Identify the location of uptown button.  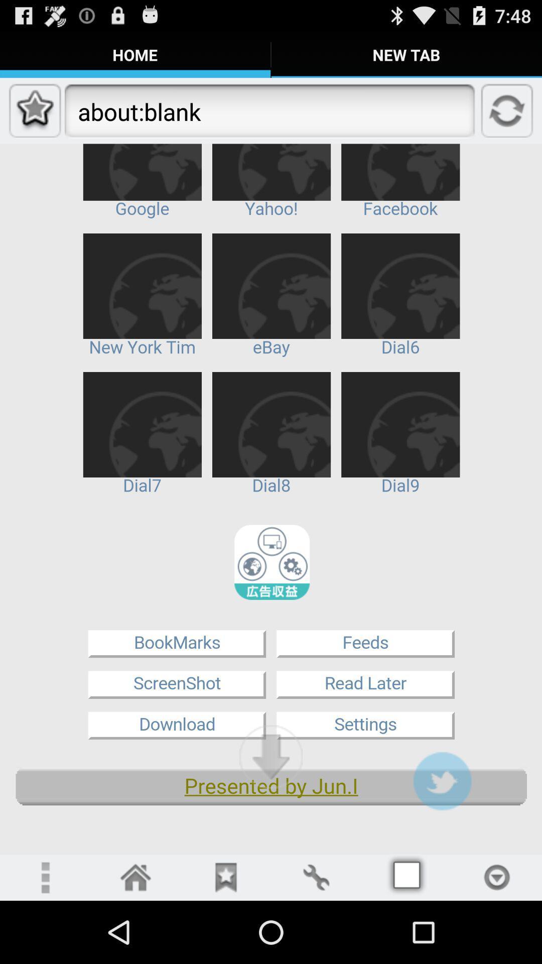
(271, 757).